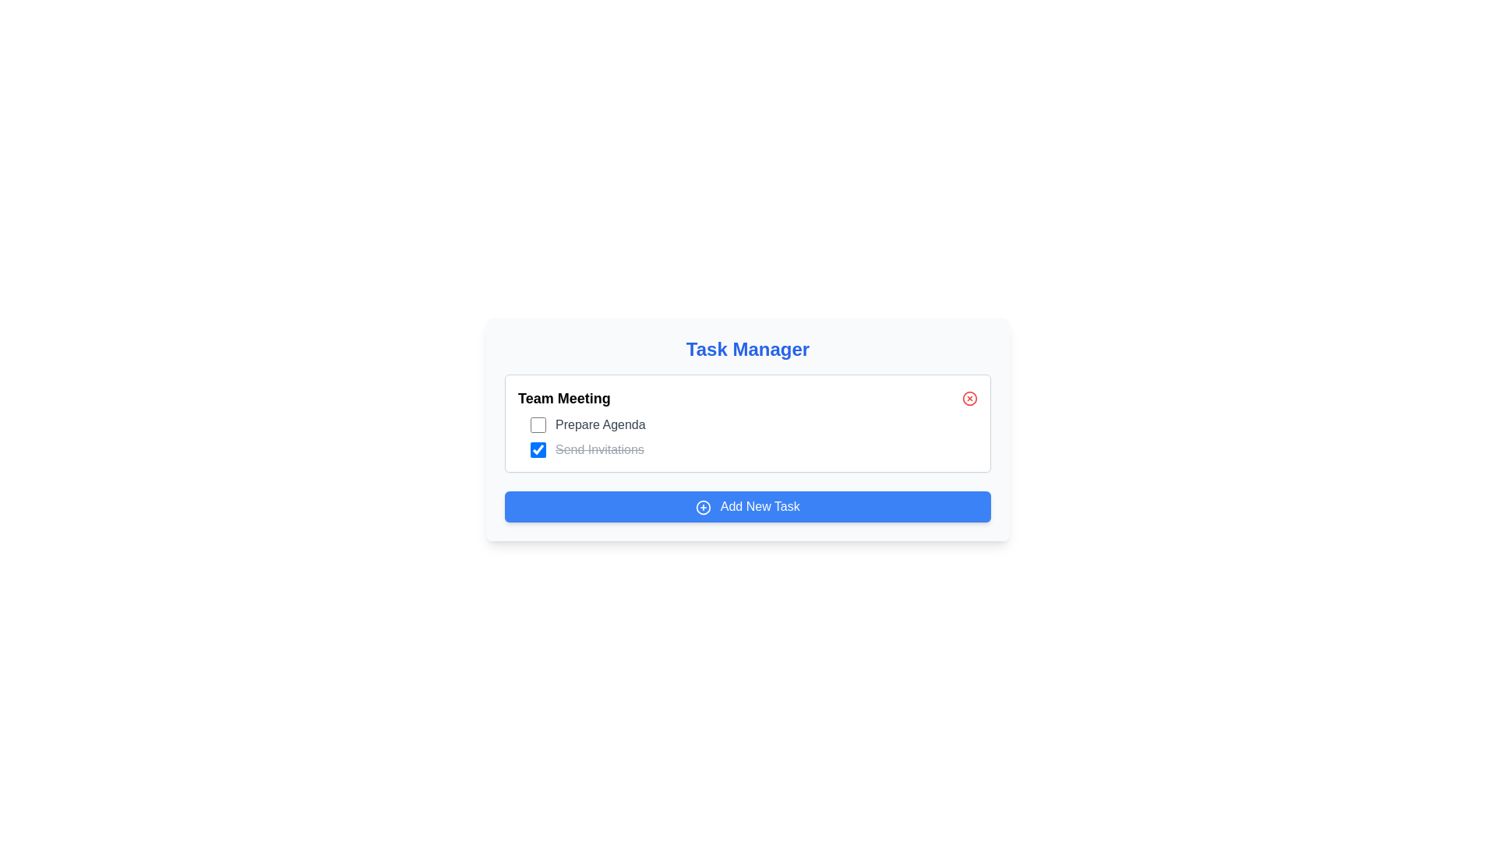  What do you see at coordinates (703, 507) in the screenshot?
I see `the icon representing the addition of a new task, which is located in the left portion of the blue button labeled 'Add New Task'` at bounding box center [703, 507].